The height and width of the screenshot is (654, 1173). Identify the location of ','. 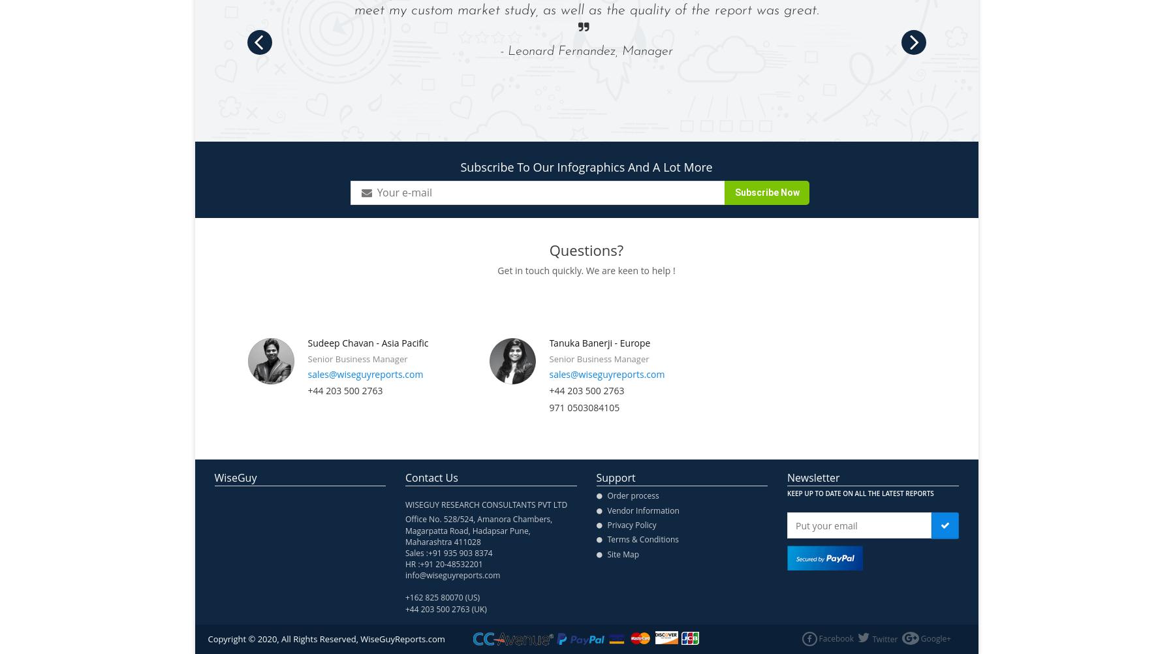
(528, 529).